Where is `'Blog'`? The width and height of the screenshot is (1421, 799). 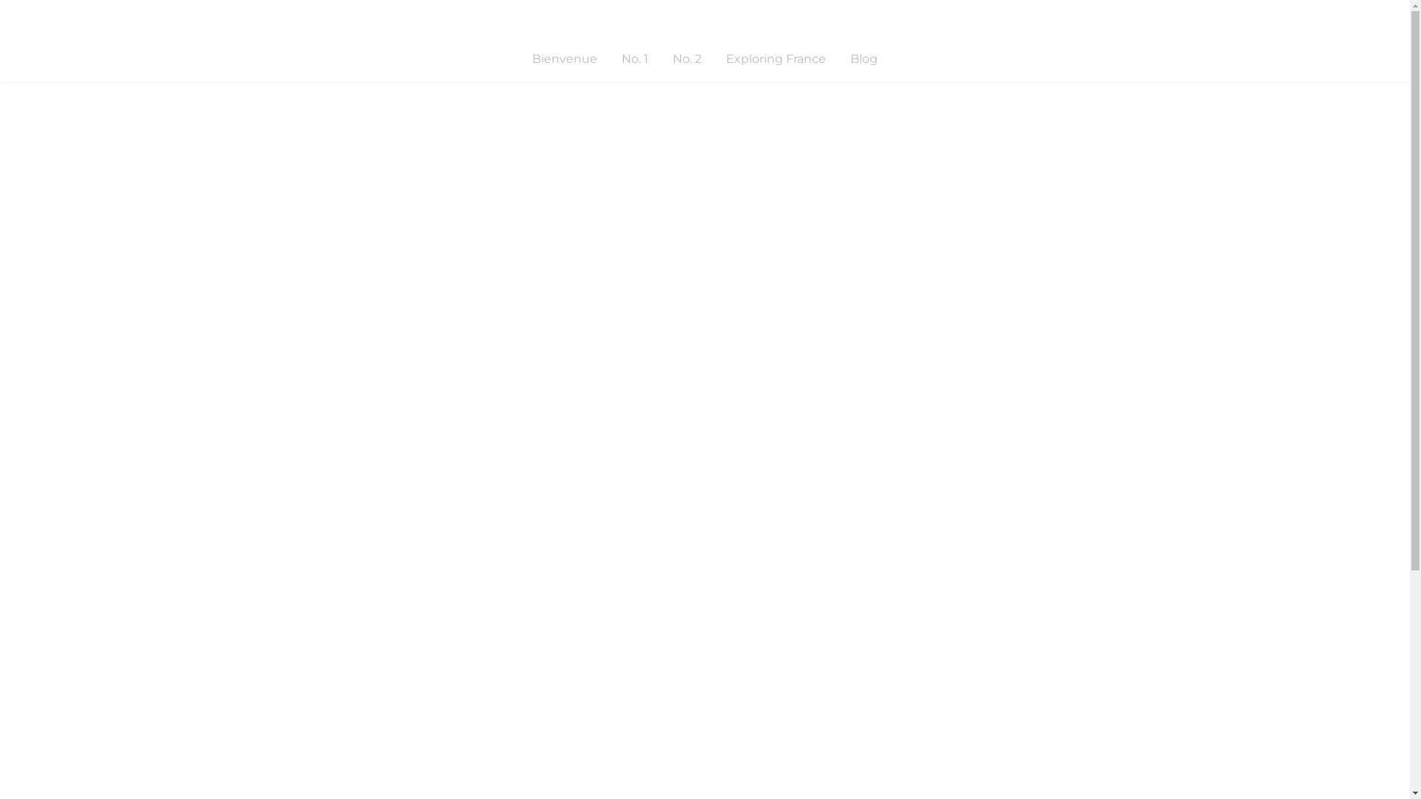 'Blog' is located at coordinates (864, 58).